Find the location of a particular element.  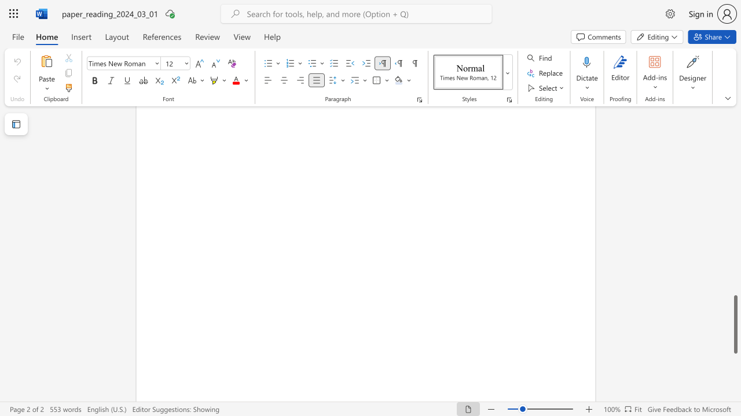

the scrollbar to move the view up is located at coordinates (735, 156).